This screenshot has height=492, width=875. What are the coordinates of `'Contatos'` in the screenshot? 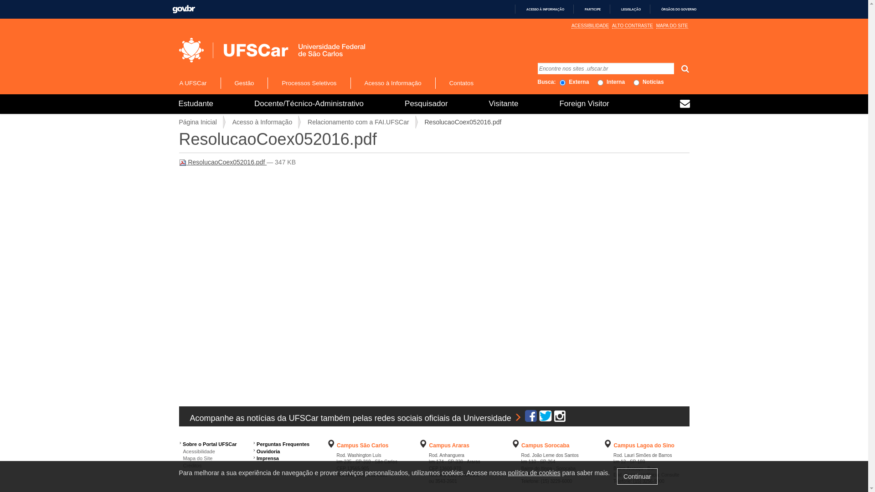 It's located at (461, 83).